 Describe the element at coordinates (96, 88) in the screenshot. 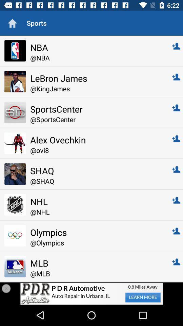

I see `the icon below the lebron james` at that location.